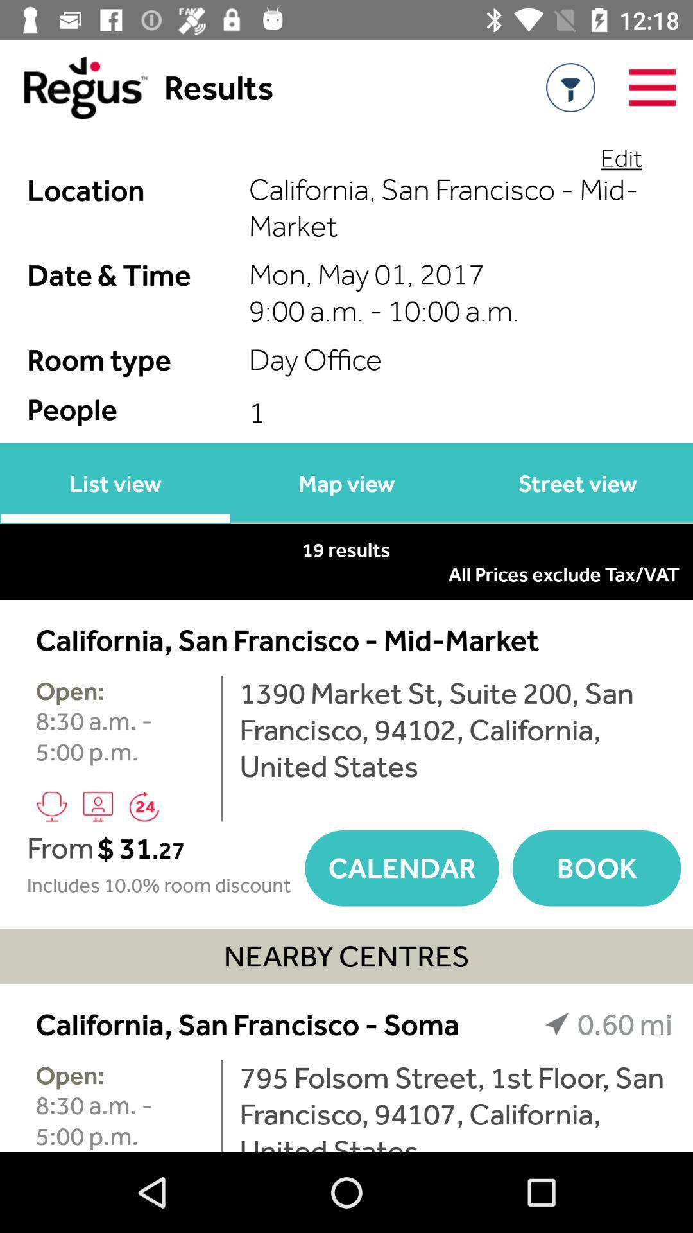 Image resolution: width=693 pixels, height=1233 pixels. What do you see at coordinates (401, 868) in the screenshot?
I see `icon next to book icon` at bounding box center [401, 868].